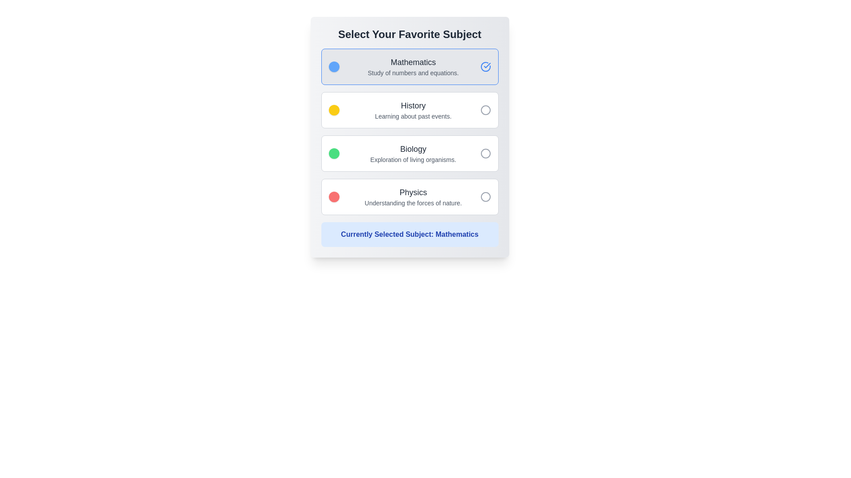 This screenshot has height=478, width=851. Describe the element at coordinates (485, 196) in the screenshot. I see `the circular graphical icon styled with a thin stroke, located in the fourth row of the Physics option, immediately to the left of the descriptive text` at that location.